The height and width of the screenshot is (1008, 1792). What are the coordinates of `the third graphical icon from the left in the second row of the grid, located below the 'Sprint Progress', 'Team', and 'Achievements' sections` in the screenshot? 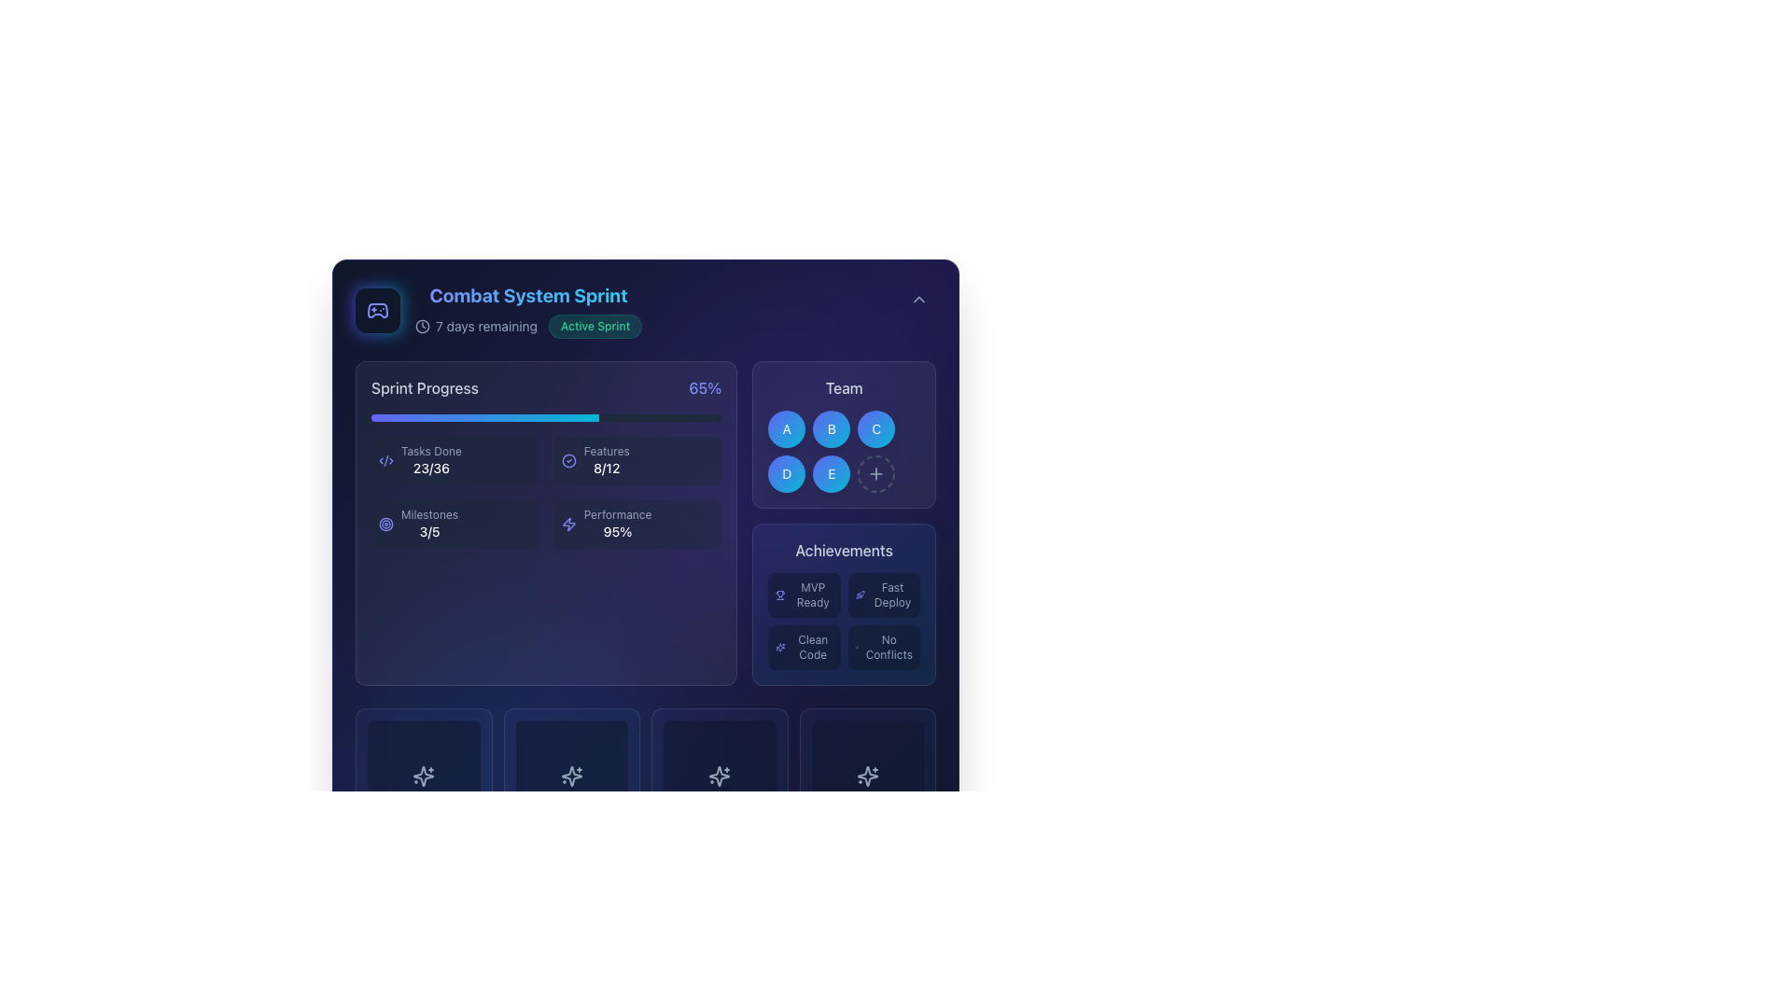 It's located at (719, 777).